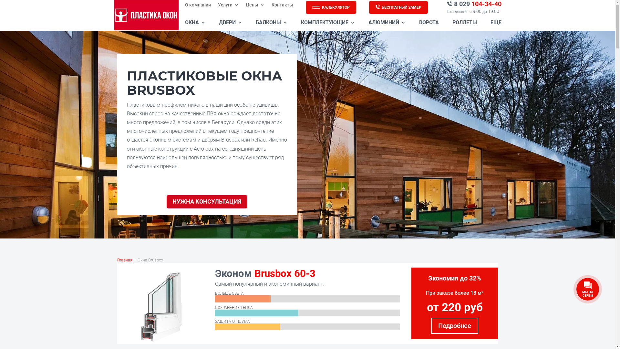  I want to click on '8 029 104-34-40', so click(474, 4).